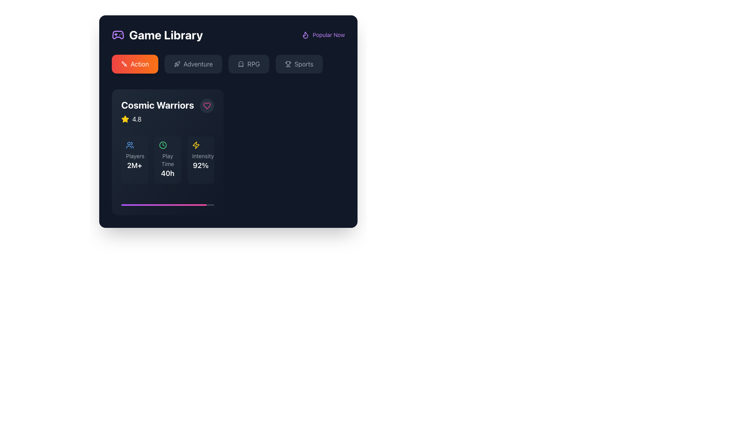 The height and width of the screenshot is (425, 756). I want to click on the star icon representing the game's rating of '4.8' located to the left of the rating text in the game's information section, so click(124, 119).